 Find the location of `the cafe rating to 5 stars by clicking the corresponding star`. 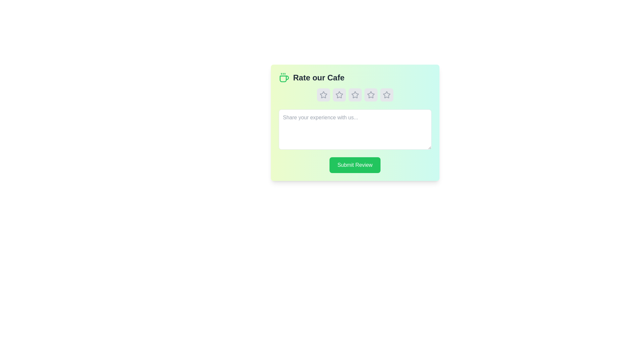

the cafe rating to 5 stars by clicking the corresponding star is located at coordinates (386, 95).